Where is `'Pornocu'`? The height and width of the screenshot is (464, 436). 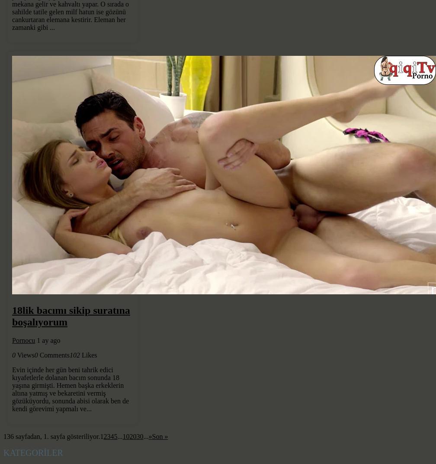
'Pornocu' is located at coordinates (23, 340).